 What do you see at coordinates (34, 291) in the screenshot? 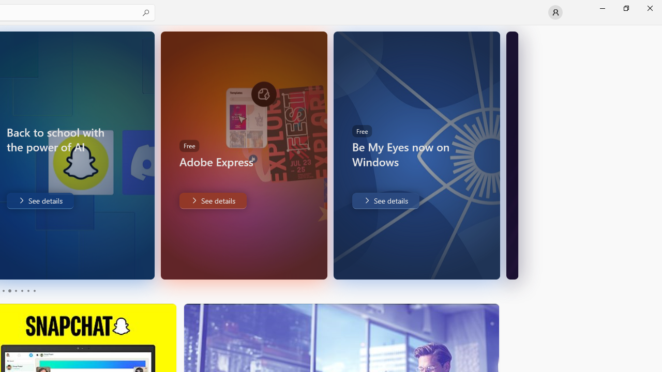
I see `'Page 6'` at bounding box center [34, 291].